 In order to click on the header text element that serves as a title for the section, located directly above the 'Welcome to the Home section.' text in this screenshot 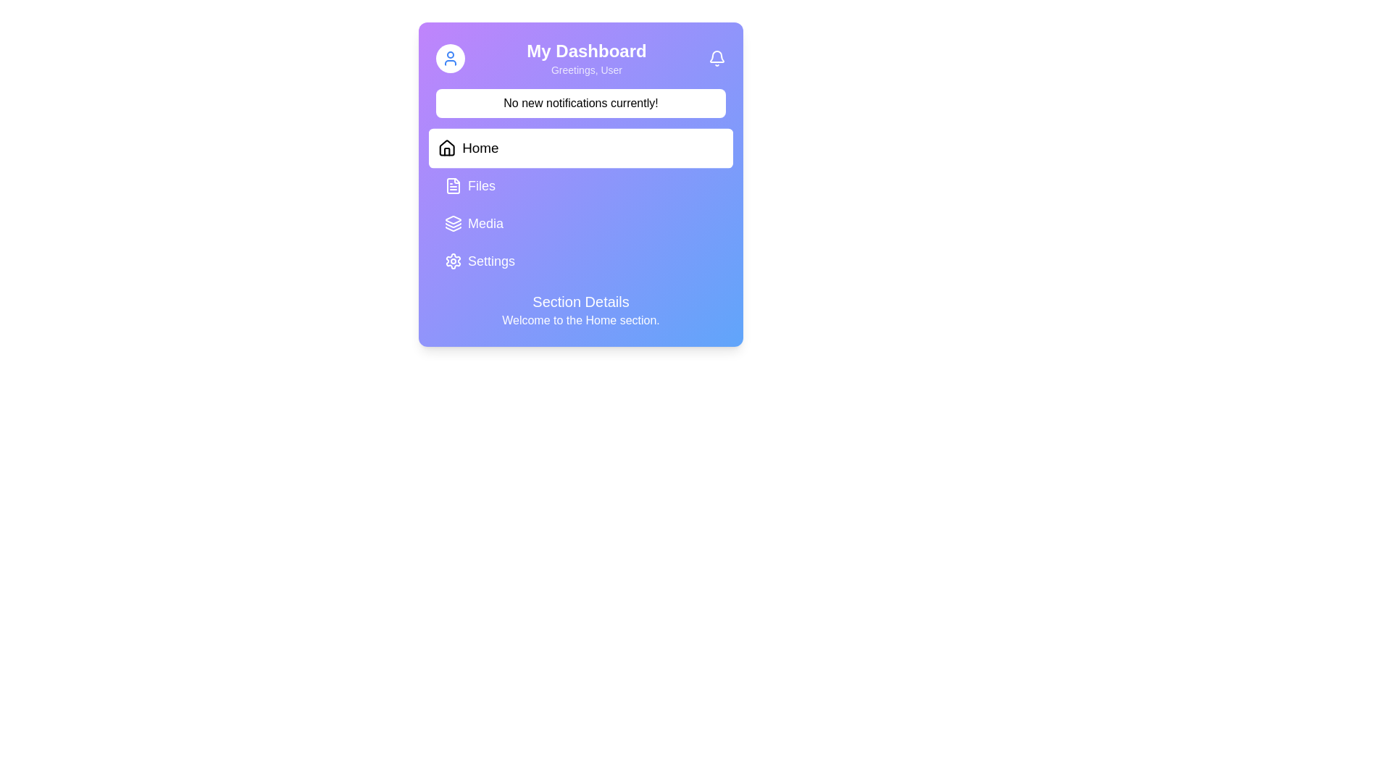, I will do `click(580, 300)`.